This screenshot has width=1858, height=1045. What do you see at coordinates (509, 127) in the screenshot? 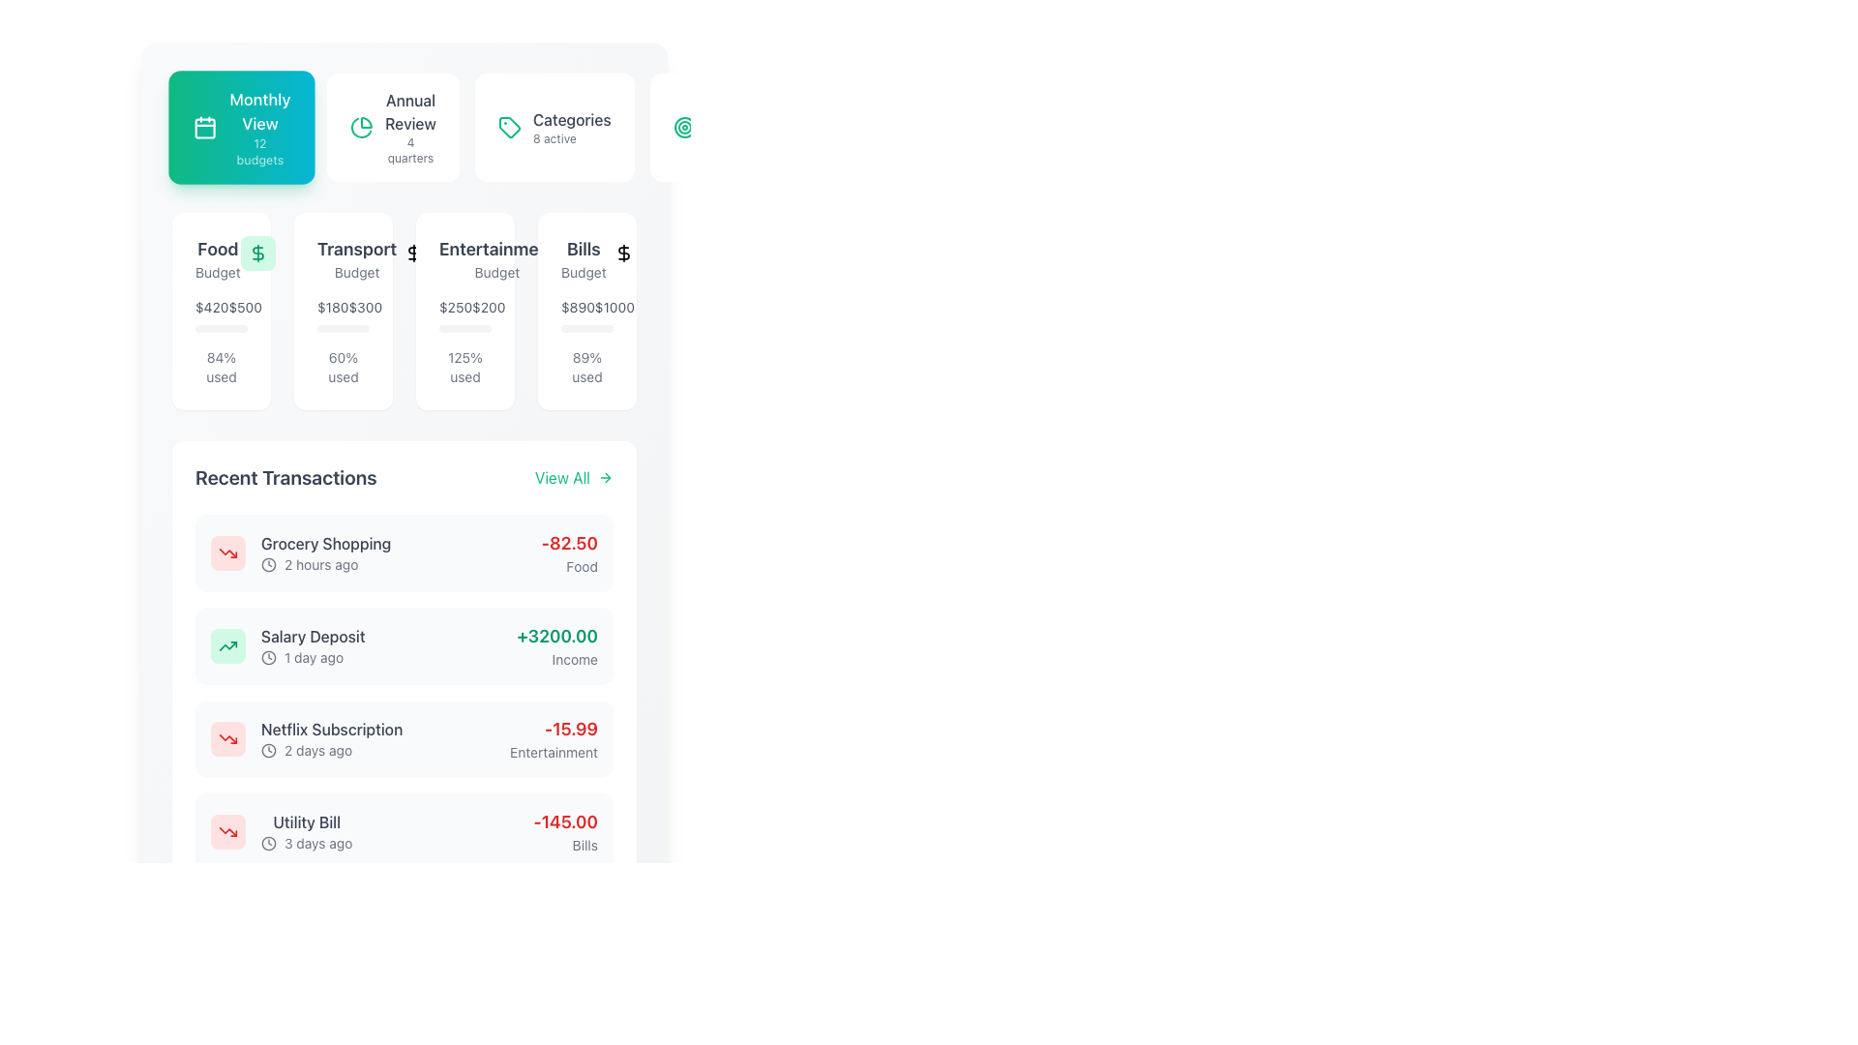
I see `the decorative icon located at the far left of the 'Categories 8 active' button in the top right section of the interface` at bounding box center [509, 127].